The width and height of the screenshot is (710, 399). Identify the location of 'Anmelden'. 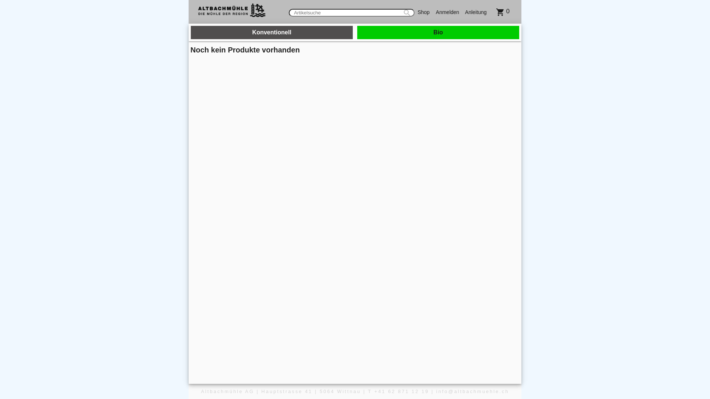
(447, 11).